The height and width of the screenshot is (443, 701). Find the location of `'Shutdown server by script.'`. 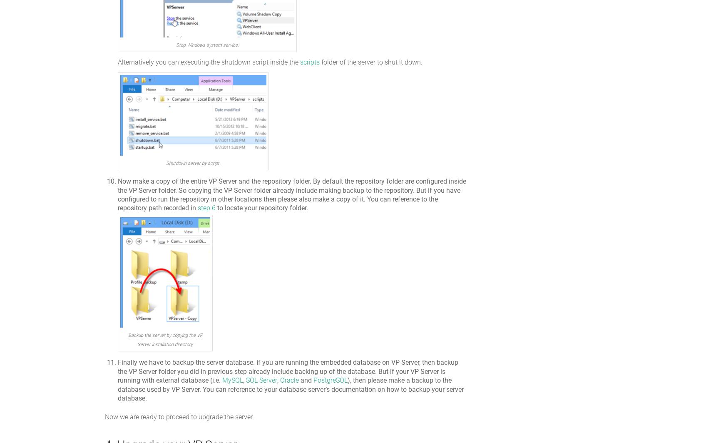

'Shutdown server by script.' is located at coordinates (193, 163).